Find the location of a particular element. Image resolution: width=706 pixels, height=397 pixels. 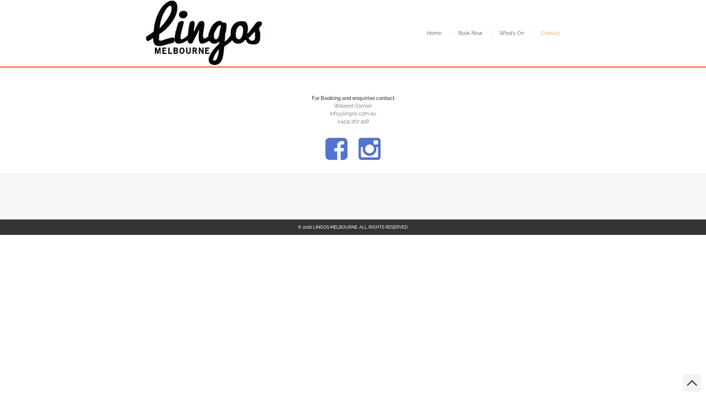

'Contact' is located at coordinates (550, 32).